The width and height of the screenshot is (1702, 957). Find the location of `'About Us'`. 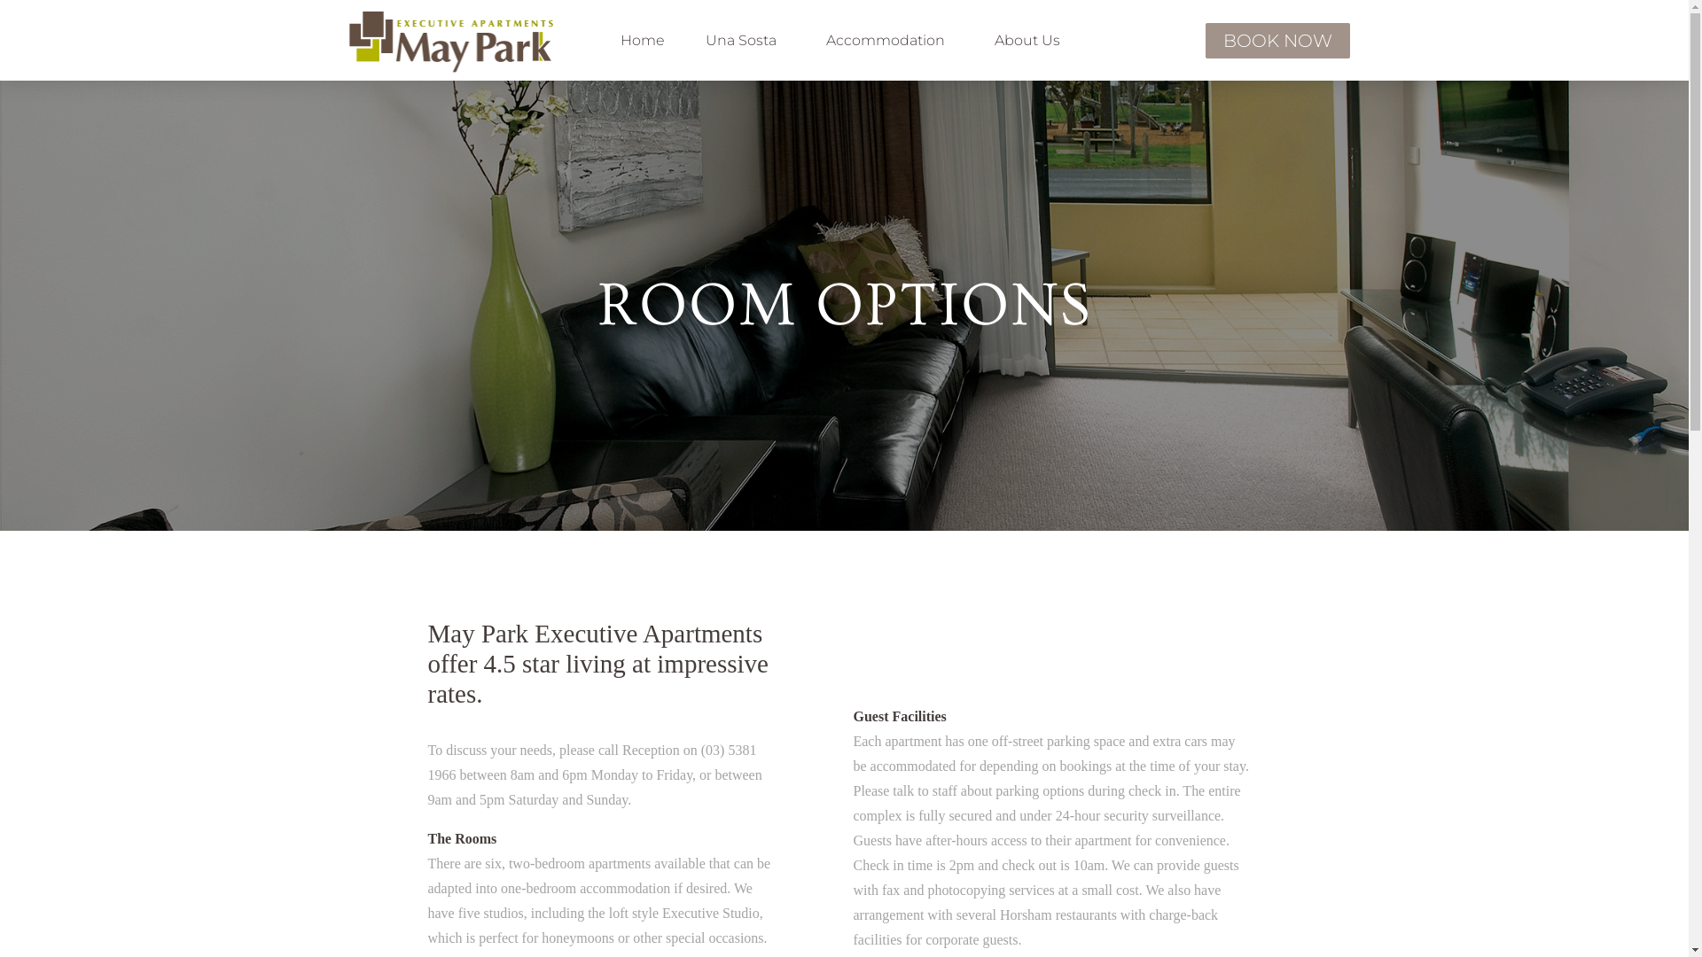

'About Us' is located at coordinates (976, 40).